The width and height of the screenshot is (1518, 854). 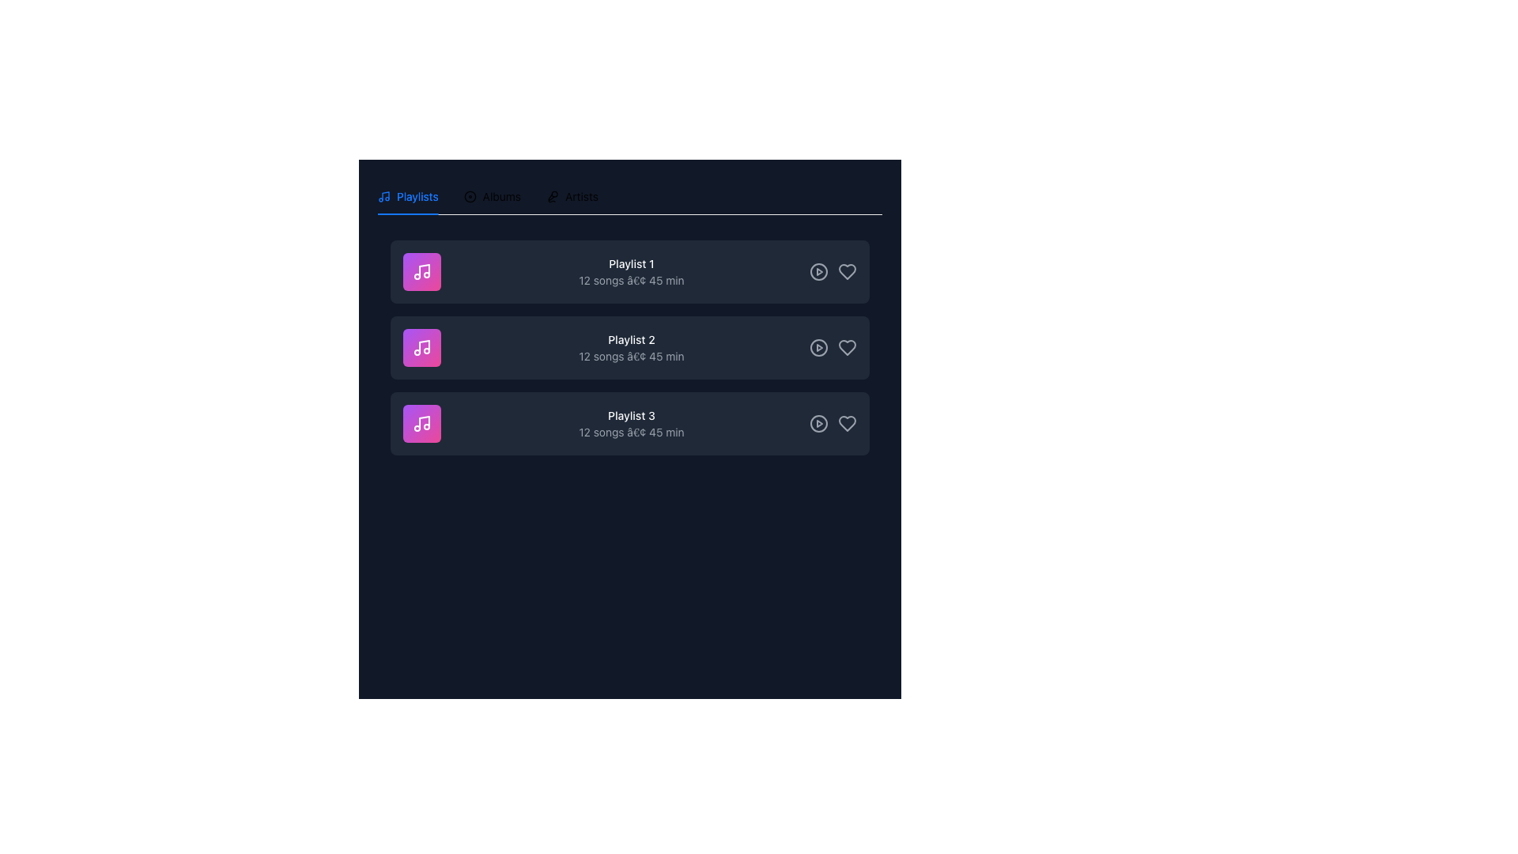 What do you see at coordinates (572, 196) in the screenshot?
I see `the 'Artists' tab, which is the third tab in the tab bar` at bounding box center [572, 196].